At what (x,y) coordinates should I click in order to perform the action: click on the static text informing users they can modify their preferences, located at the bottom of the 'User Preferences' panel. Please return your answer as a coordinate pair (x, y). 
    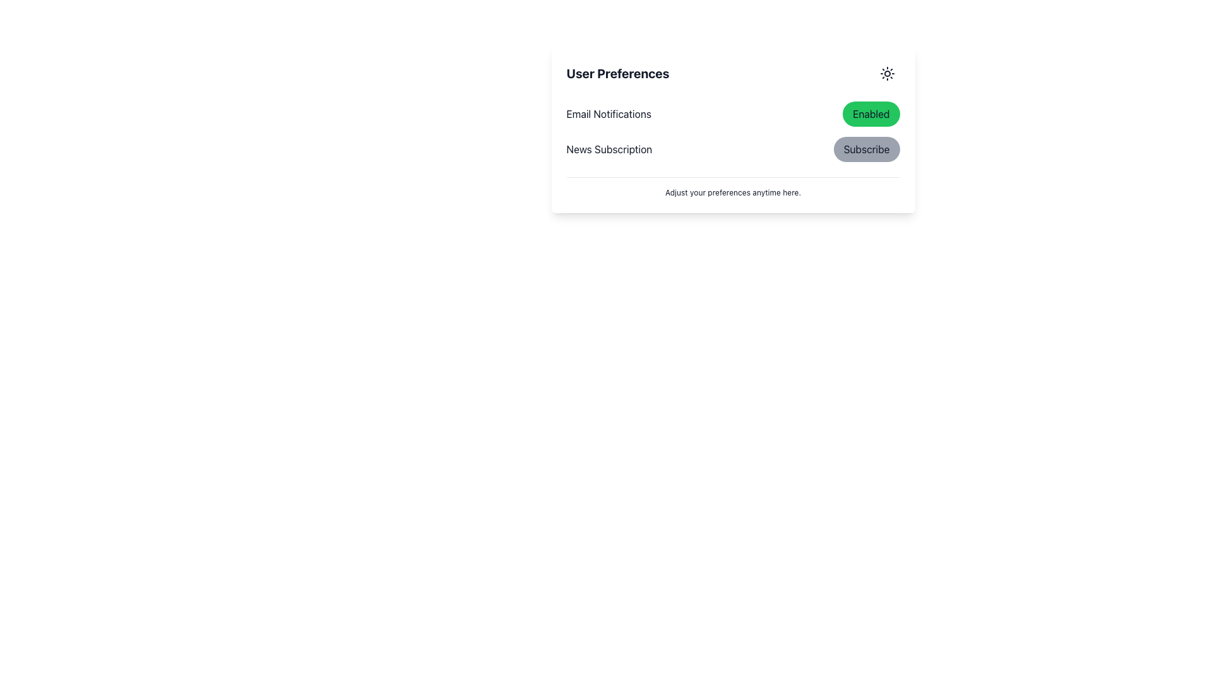
    Looking at the image, I should click on (733, 187).